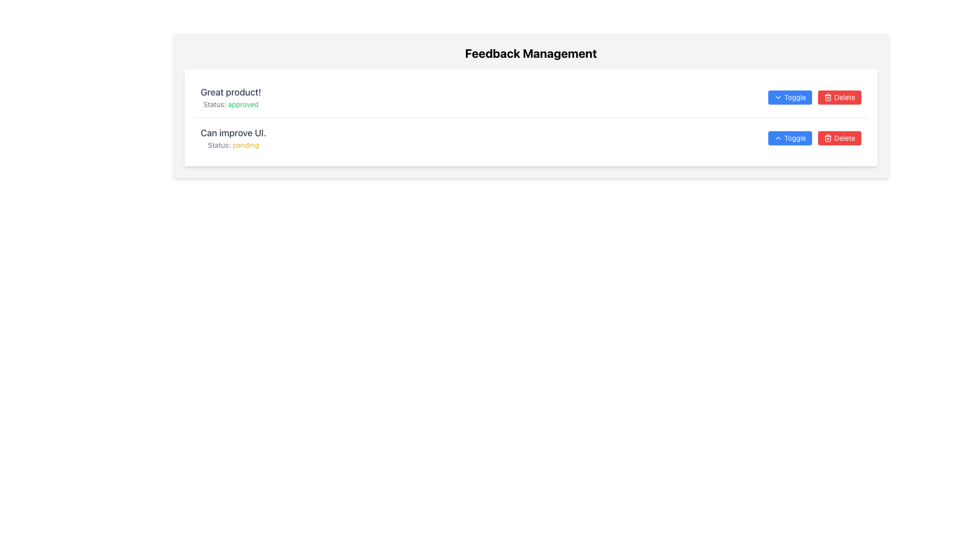  What do you see at coordinates (230, 97) in the screenshot?
I see `the first feedback note in the Feedback Management section that contains the text 'Great product!' and 'Status: approved'` at bounding box center [230, 97].